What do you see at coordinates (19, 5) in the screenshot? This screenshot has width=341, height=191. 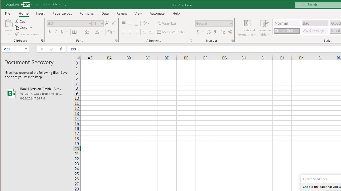 I see `'AutoSave'` at bounding box center [19, 5].